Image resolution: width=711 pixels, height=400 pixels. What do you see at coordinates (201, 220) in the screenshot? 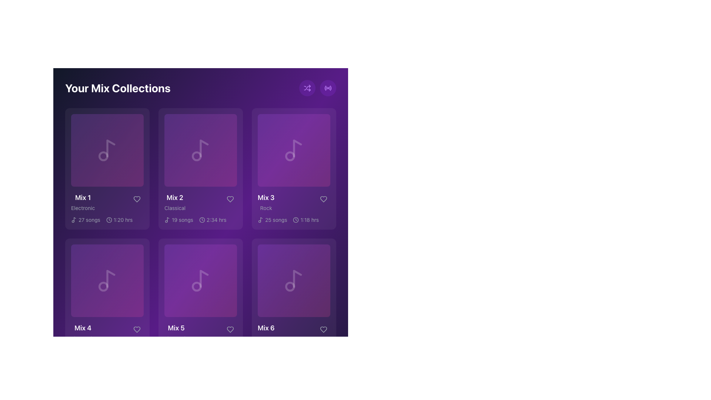
I see `the text label displaying '19 songs 2:34 hrs' with associated icons for a musical note and a clock, located at the bottom section of the 'Mix 2' card` at bounding box center [201, 220].